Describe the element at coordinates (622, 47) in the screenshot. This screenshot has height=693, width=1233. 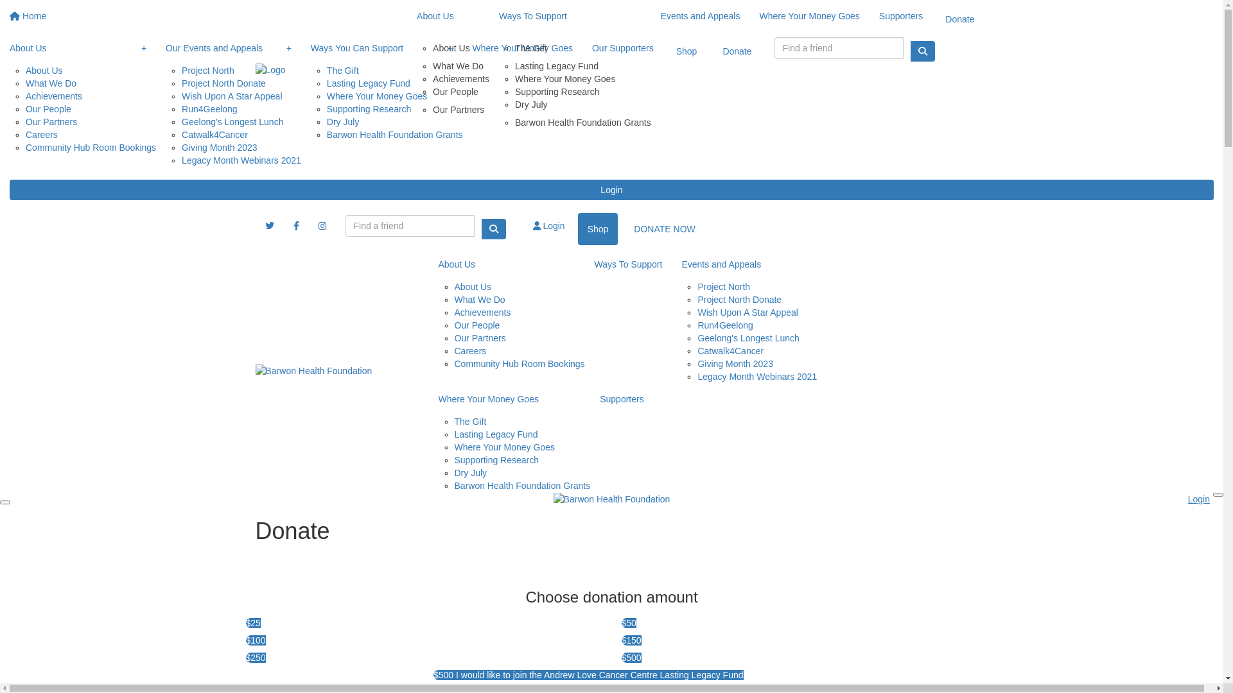
I see `'Our Supporters'` at that location.